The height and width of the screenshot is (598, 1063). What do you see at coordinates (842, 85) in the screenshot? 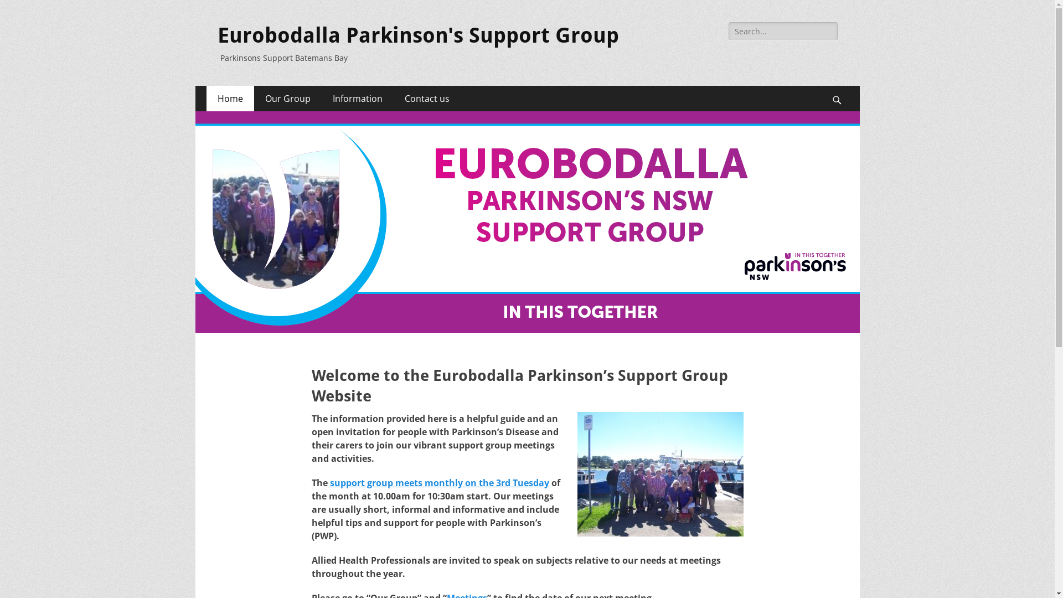
I see `'Search'` at bounding box center [842, 85].